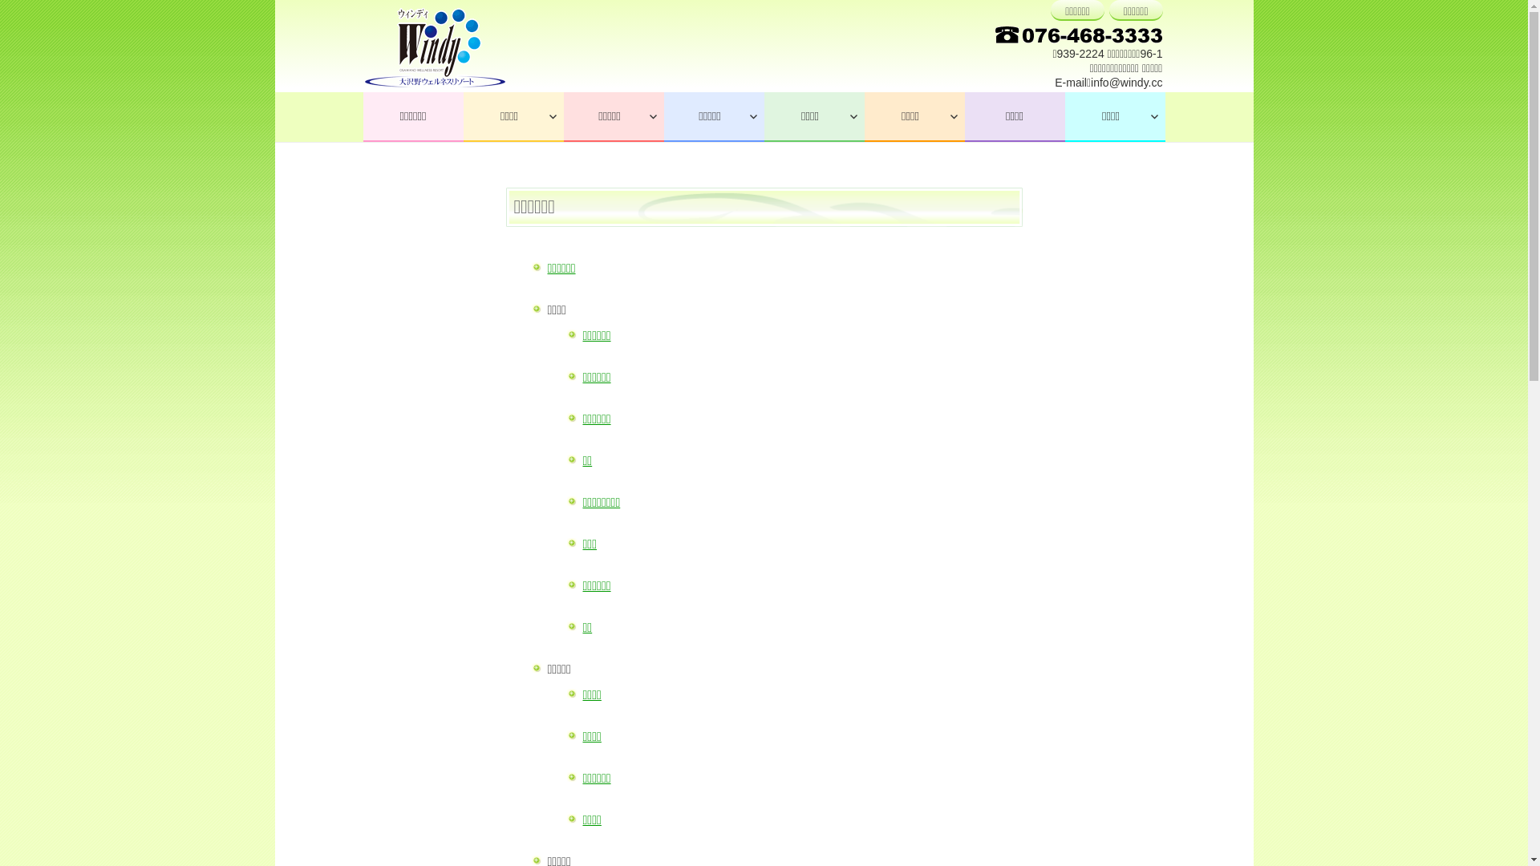 The image size is (1540, 866). Describe the element at coordinates (1125, 83) in the screenshot. I see `'info@windy.cc'` at that location.